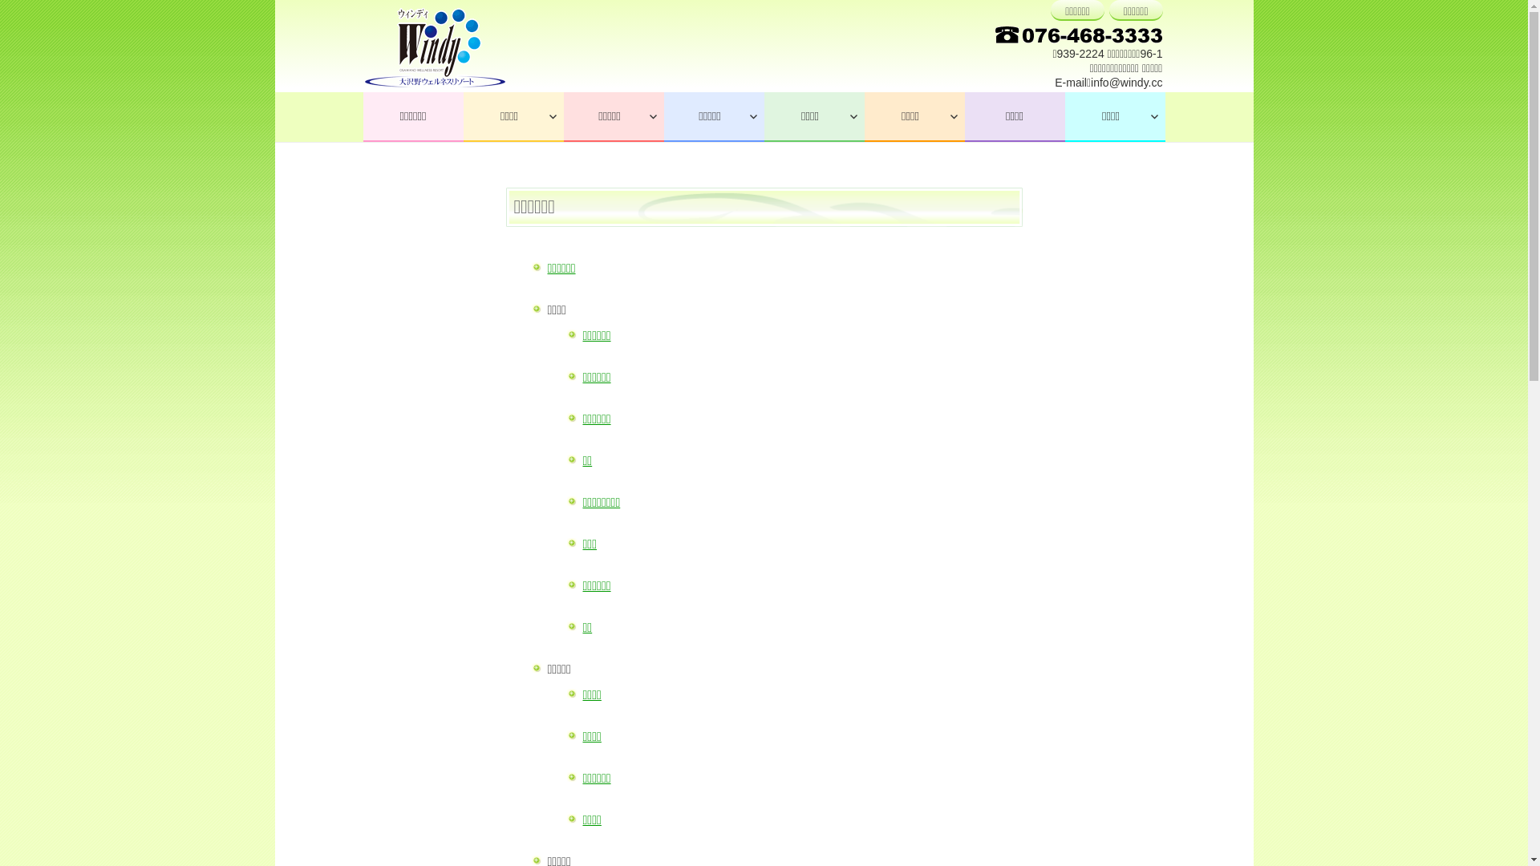 The image size is (1540, 866). Describe the element at coordinates (1125, 83) in the screenshot. I see `'info@windy.cc'` at that location.